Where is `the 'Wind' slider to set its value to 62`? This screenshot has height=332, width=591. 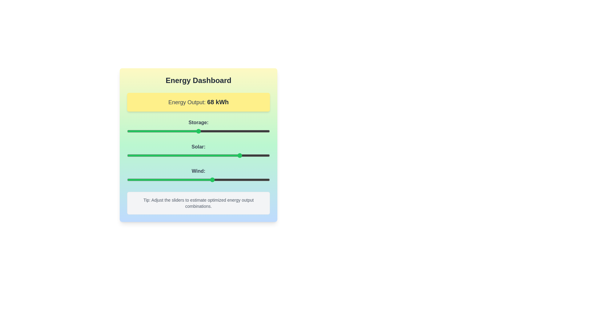
the 'Wind' slider to set its value to 62 is located at coordinates (215, 180).